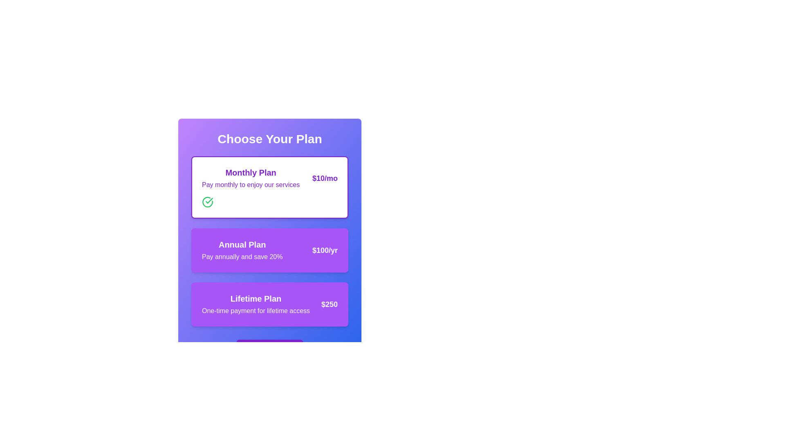 Image resolution: width=785 pixels, height=442 pixels. Describe the element at coordinates (270, 347) in the screenshot. I see `the subscription button located at the bottom of the 'Choose Your Plan' card to observe style changes` at that location.